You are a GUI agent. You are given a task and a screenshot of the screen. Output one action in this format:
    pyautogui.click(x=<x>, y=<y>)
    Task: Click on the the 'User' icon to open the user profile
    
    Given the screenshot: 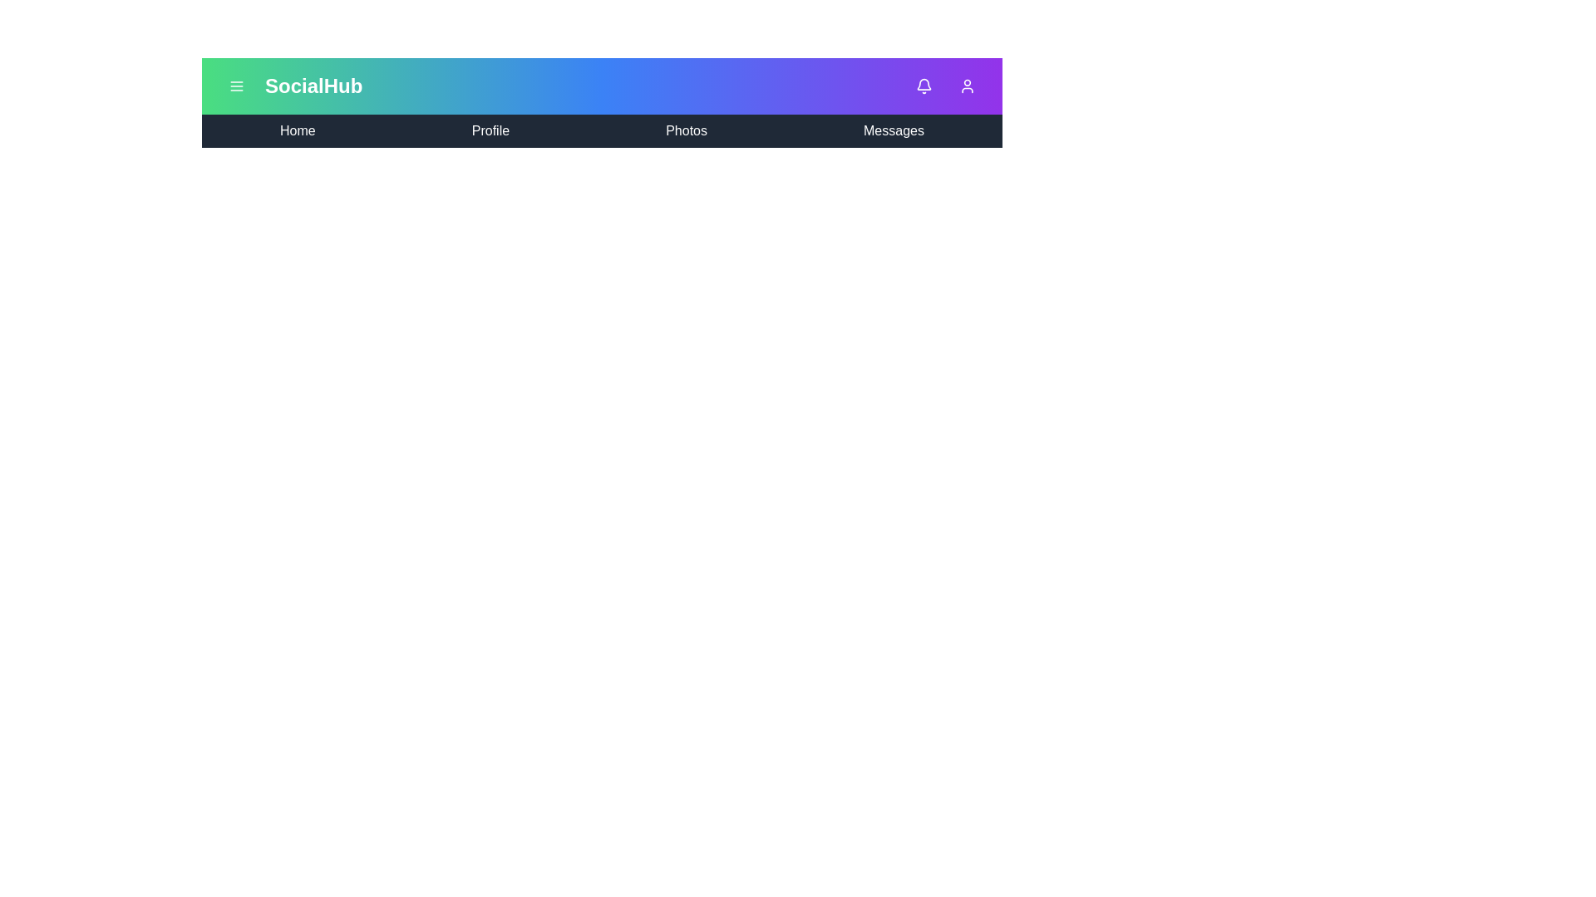 What is the action you would take?
    pyautogui.click(x=967, y=86)
    